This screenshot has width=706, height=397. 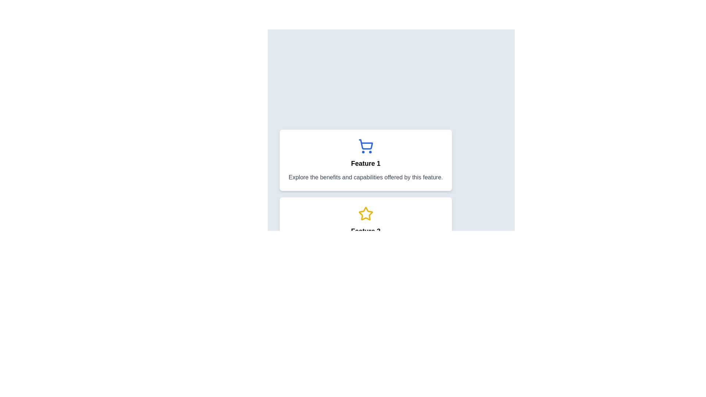 What do you see at coordinates (366, 214) in the screenshot?
I see `the star-shaped icon with a yellow outline located at the top-center of the 'Feature 2' card` at bounding box center [366, 214].